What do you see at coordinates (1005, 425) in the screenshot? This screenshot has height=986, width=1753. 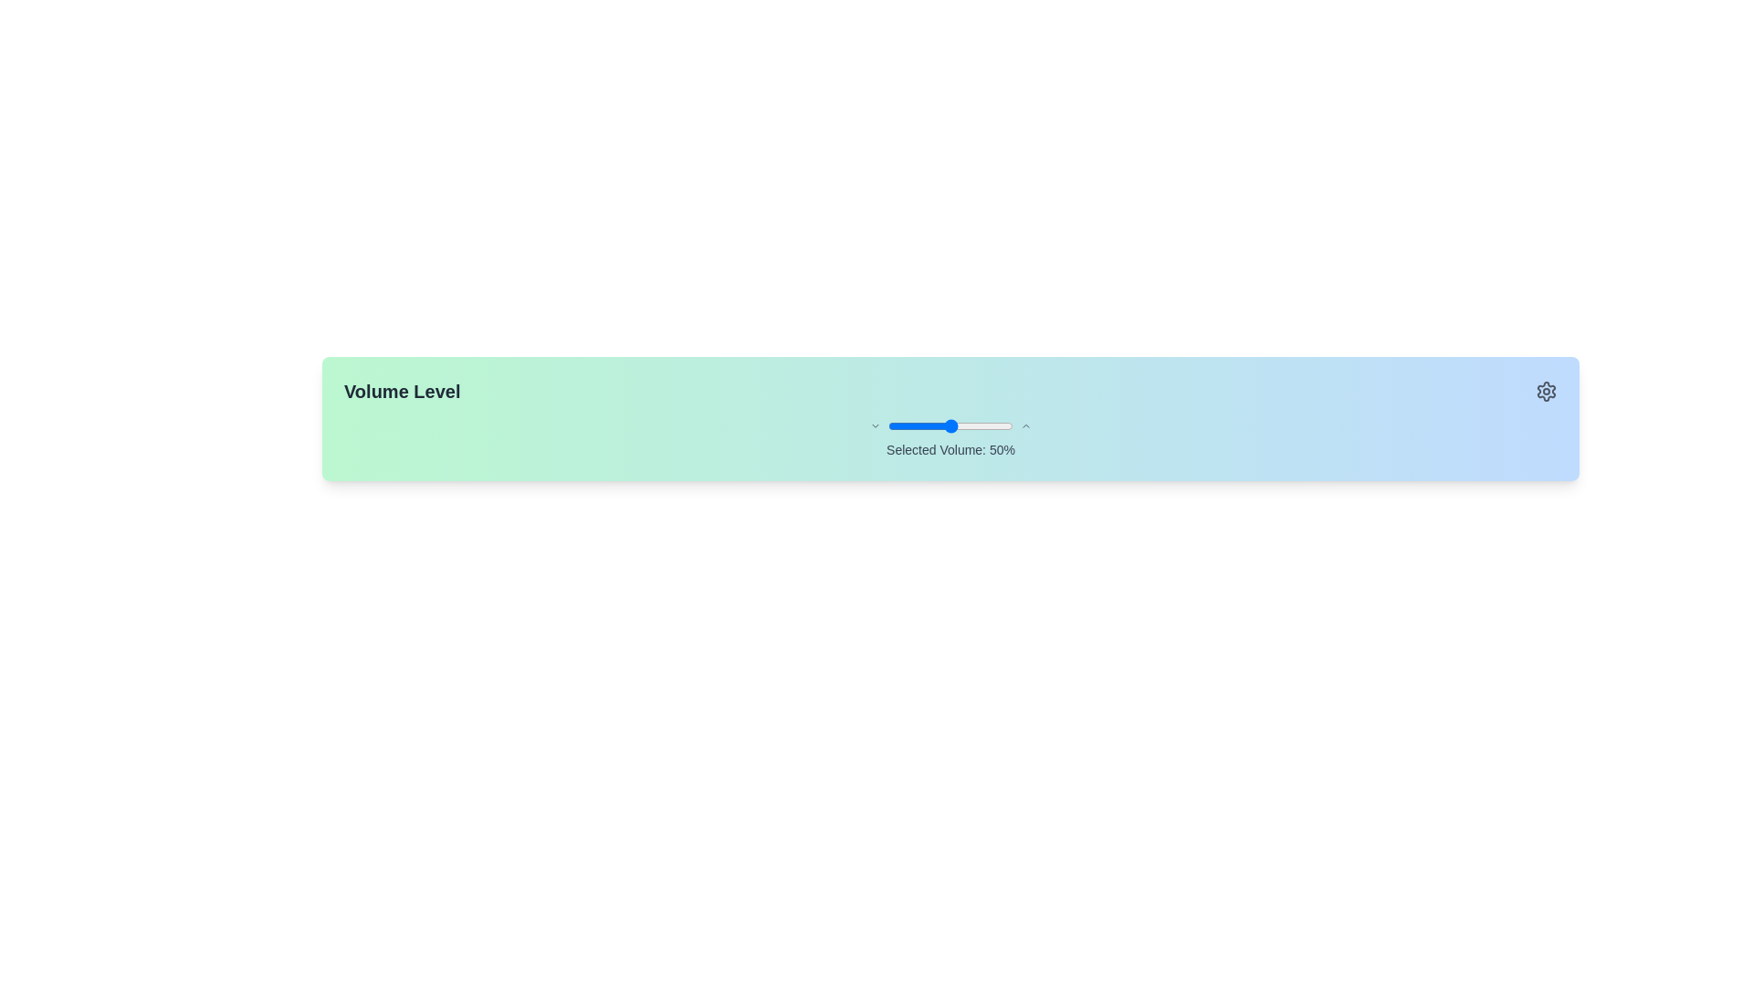 I see `the slider value` at bounding box center [1005, 425].